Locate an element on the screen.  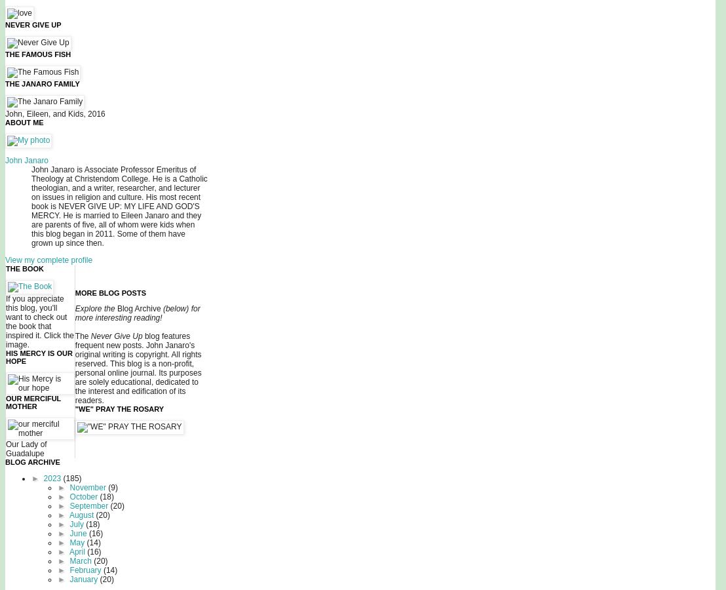
'April' is located at coordinates (69, 552).